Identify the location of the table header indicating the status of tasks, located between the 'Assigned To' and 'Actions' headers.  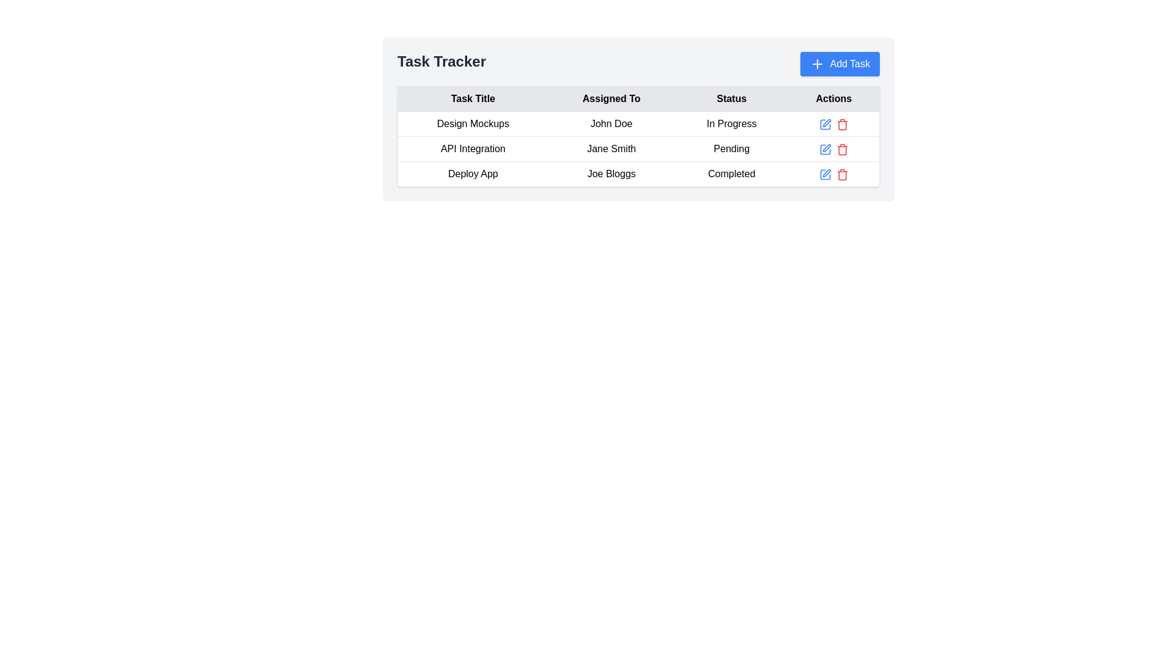
(731, 98).